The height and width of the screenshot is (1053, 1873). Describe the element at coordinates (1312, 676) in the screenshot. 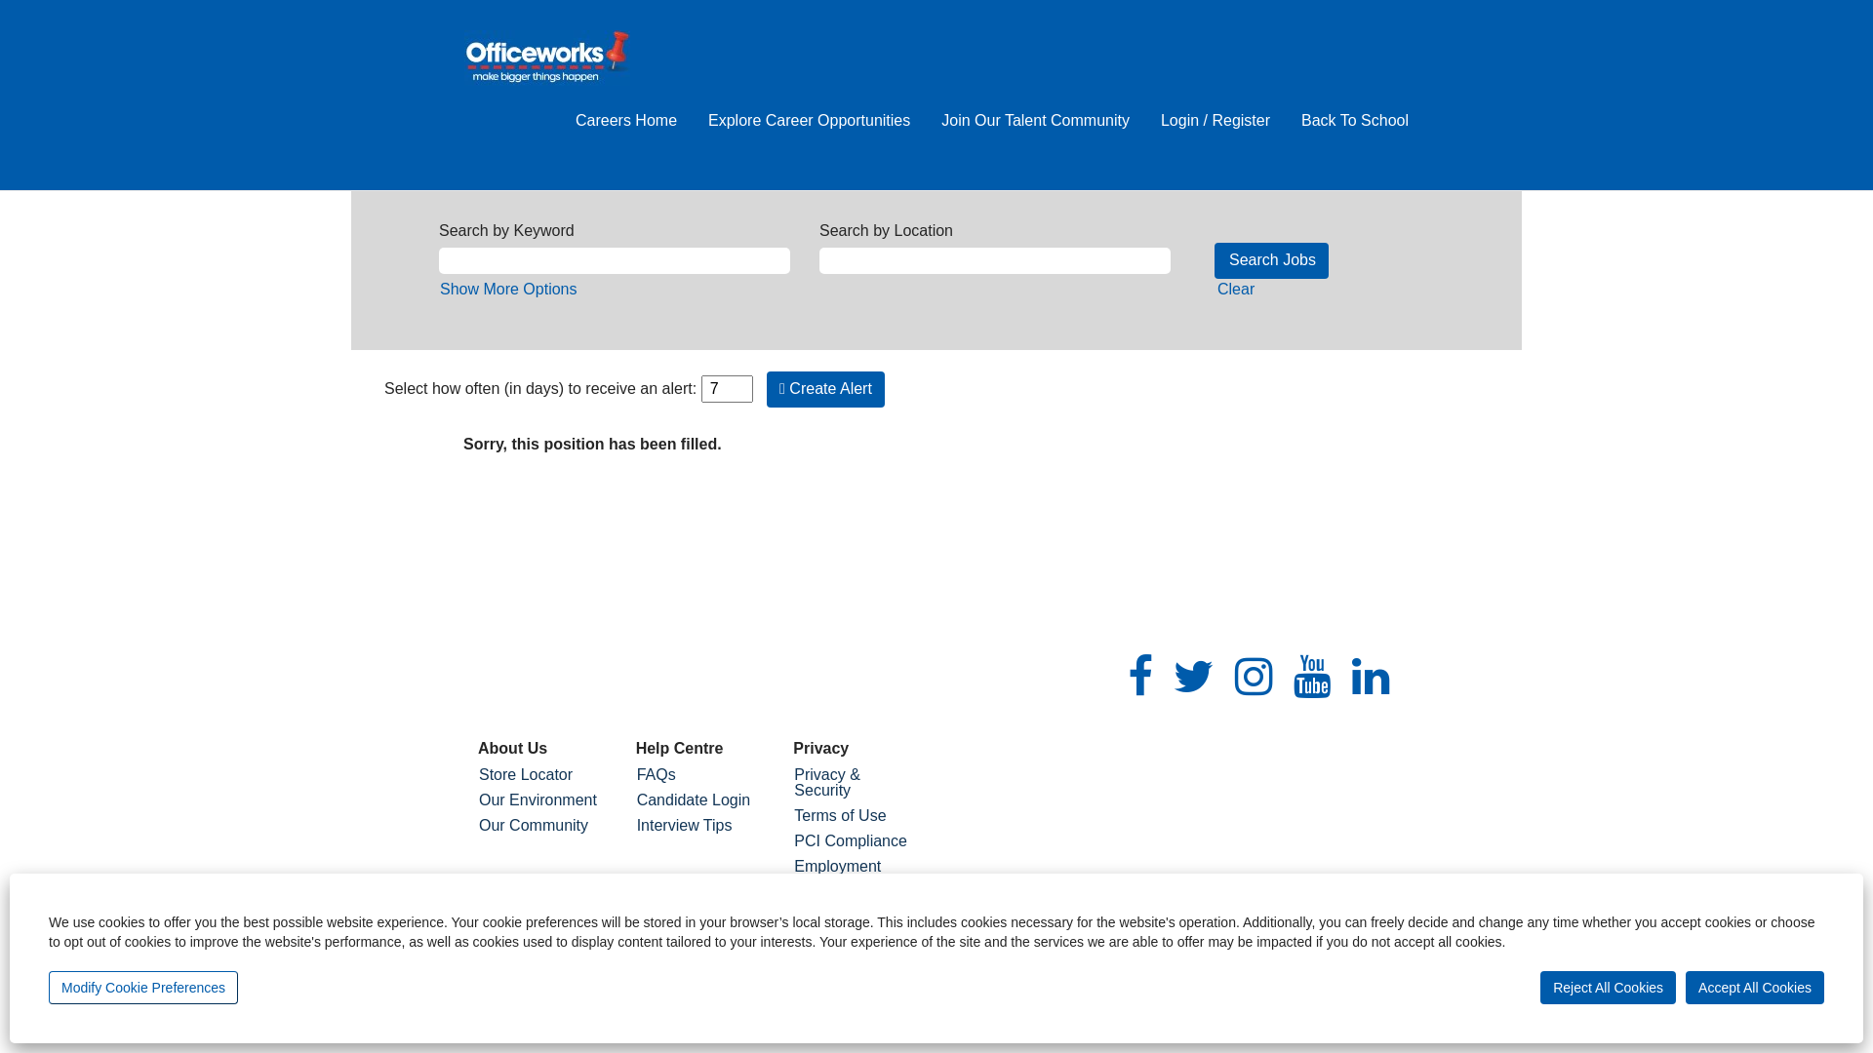

I see `'youtube'` at that location.